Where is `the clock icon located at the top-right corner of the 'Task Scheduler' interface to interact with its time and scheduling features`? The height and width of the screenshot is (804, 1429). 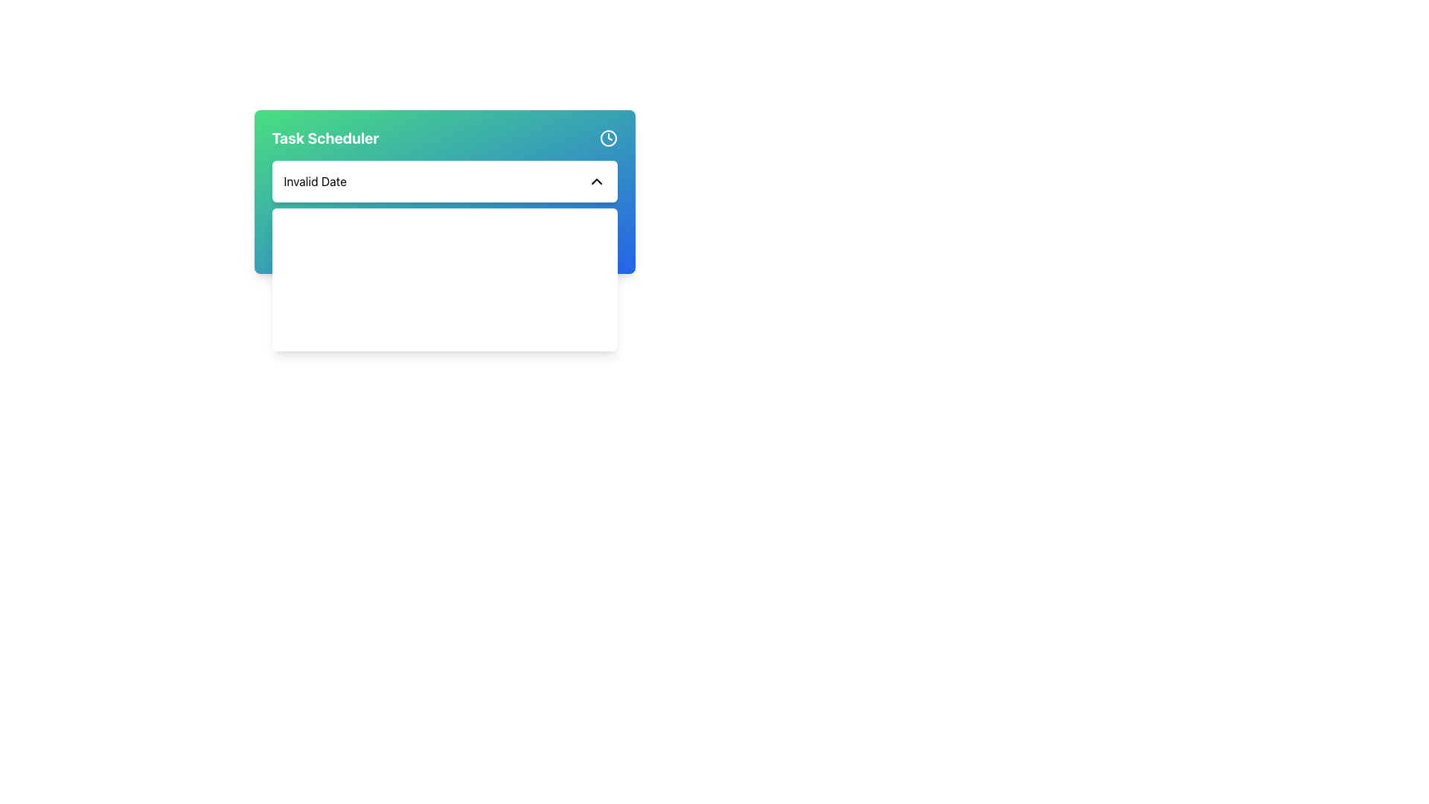 the clock icon located at the top-right corner of the 'Task Scheduler' interface to interact with its time and scheduling features is located at coordinates (608, 138).